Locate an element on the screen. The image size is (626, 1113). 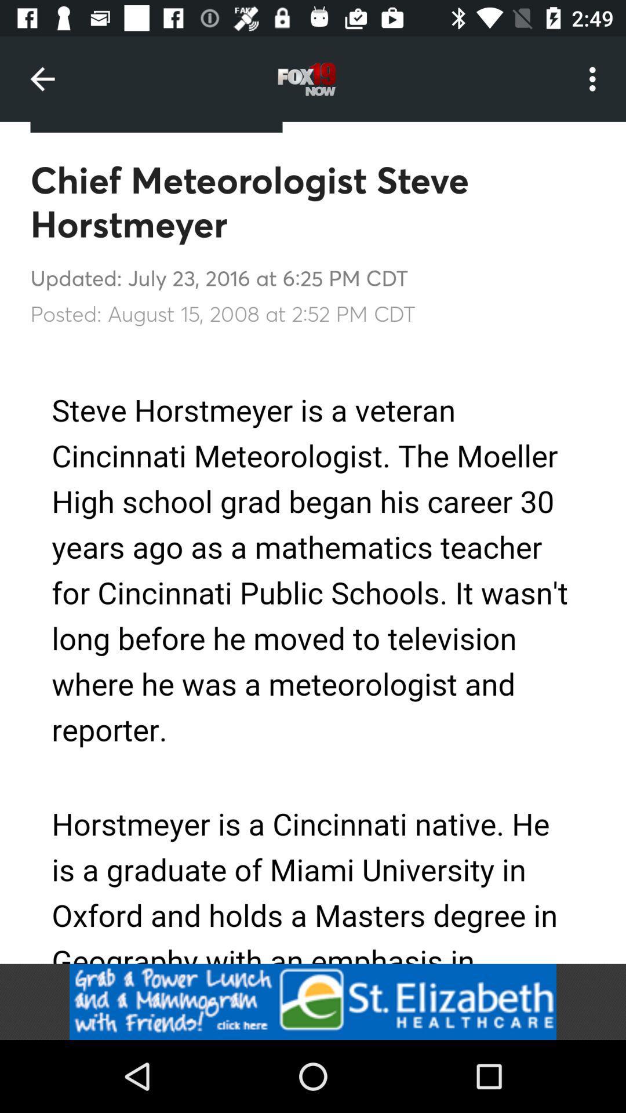
the picture is located at coordinates (313, 1001).